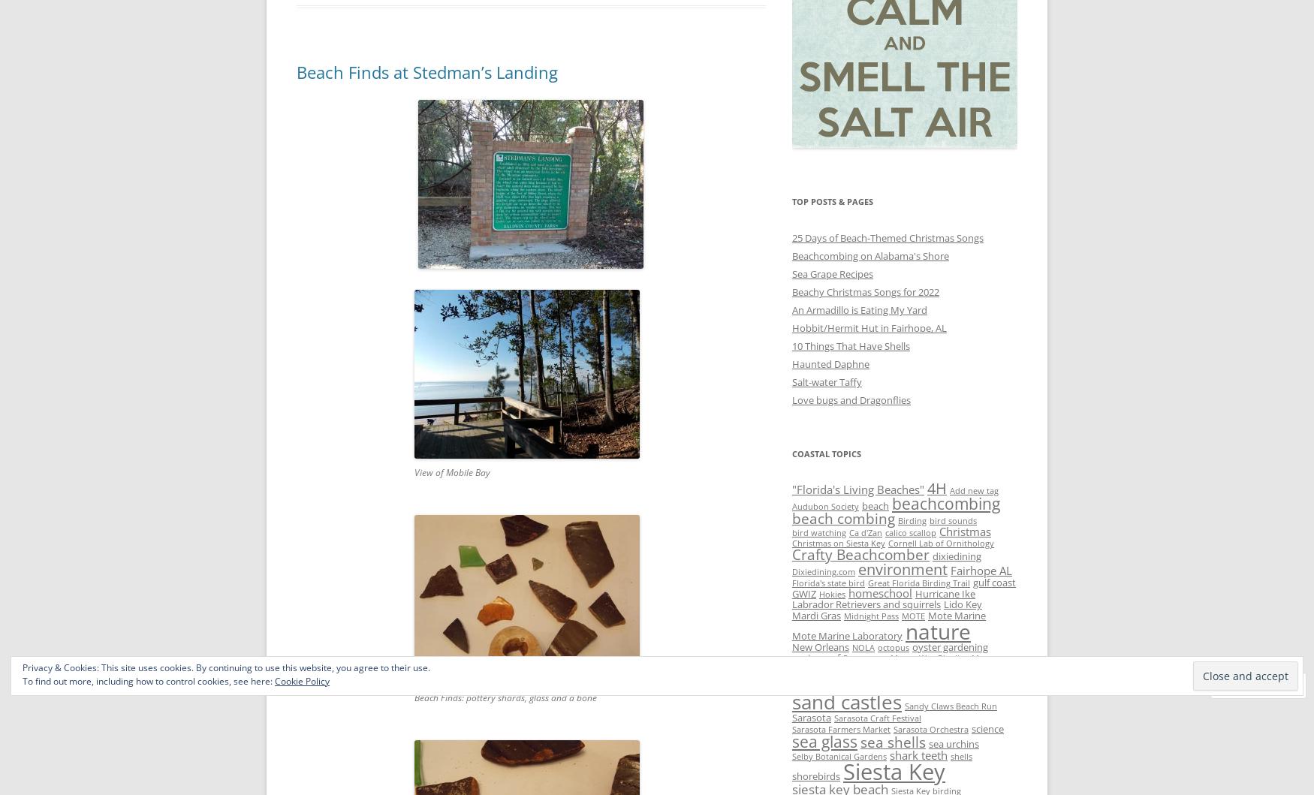 This screenshot has width=1314, height=795. What do you see at coordinates (807, 669) in the screenshot?
I see `'sailboat'` at bounding box center [807, 669].